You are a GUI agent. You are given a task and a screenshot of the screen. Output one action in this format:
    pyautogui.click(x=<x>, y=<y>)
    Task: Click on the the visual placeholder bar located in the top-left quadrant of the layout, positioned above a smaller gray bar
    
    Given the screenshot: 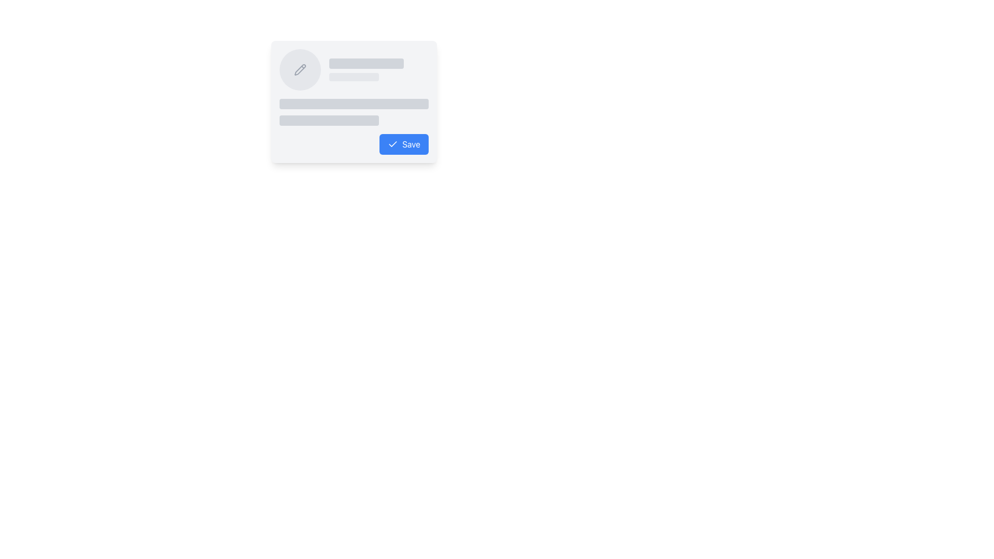 What is the action you would take?
    pyautogui.click(x=367, y=64)
    